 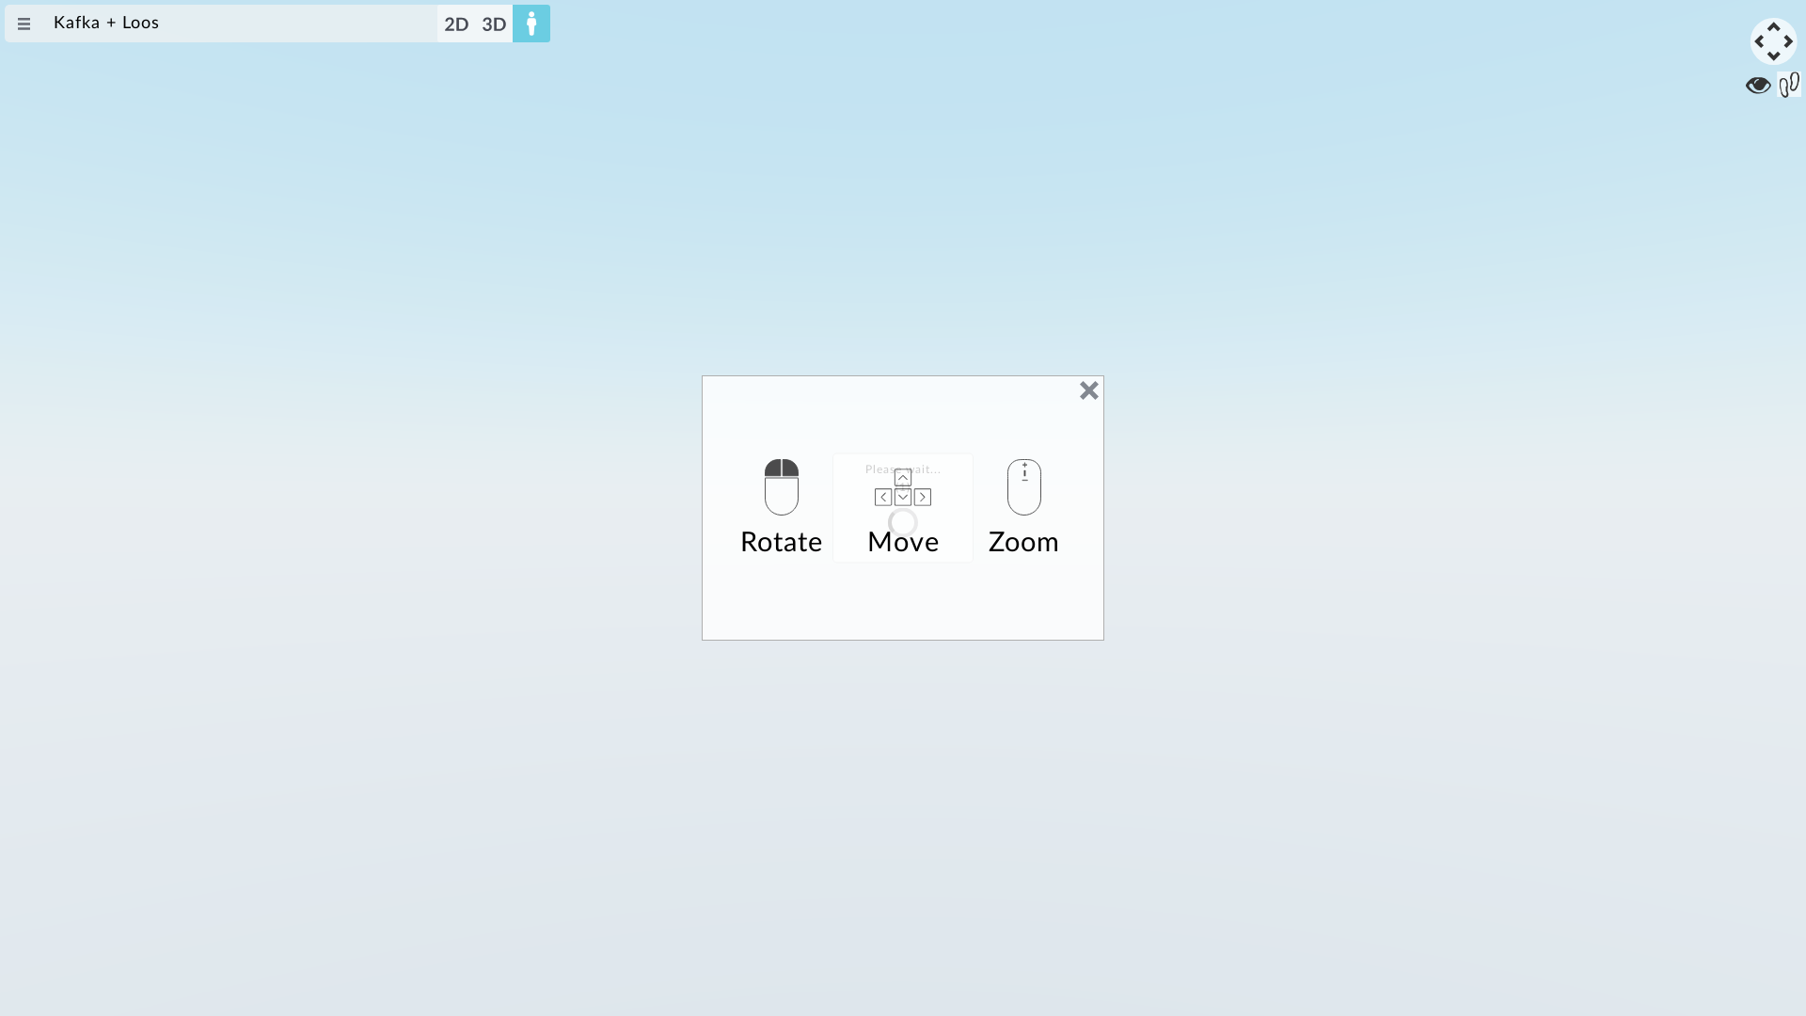 What do you see at coordinates (531, 23) in the screenshot?
I see `'first person'` at bounding box center [531, 23].